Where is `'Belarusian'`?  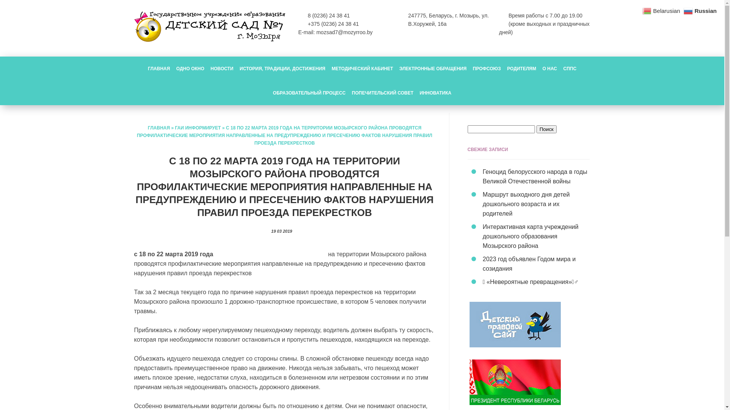 'Belarusian' is located at coordinates (662, 10).